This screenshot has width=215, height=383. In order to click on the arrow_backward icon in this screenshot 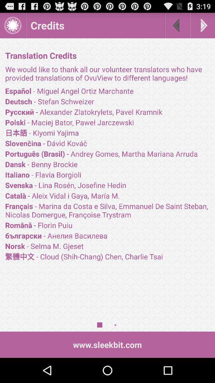, I will do `click(177, 27)`.